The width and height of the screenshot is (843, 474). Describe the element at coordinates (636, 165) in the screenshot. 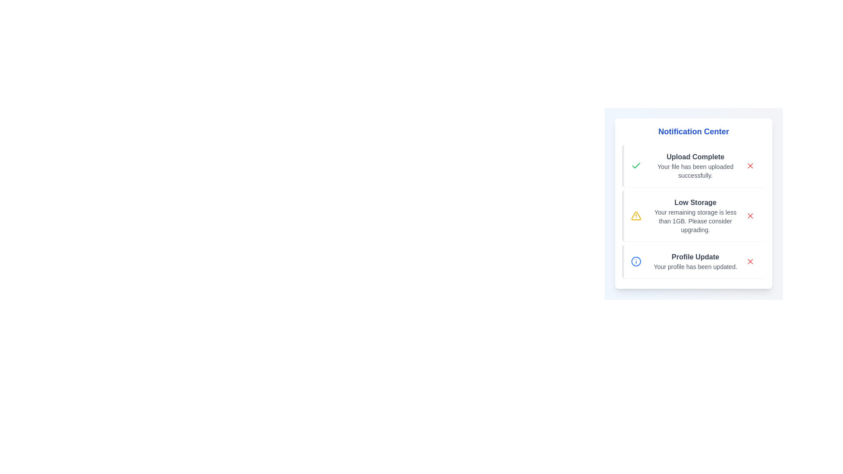

I see `the green checkmark icon indicating a successful action, located within the 'Upload Complete' notification in the Notification Center` at that location.